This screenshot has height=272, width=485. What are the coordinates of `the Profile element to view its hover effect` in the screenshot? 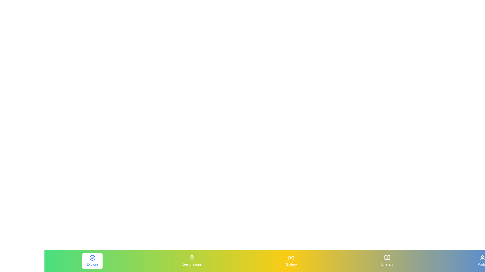 It's located at (482, 261).